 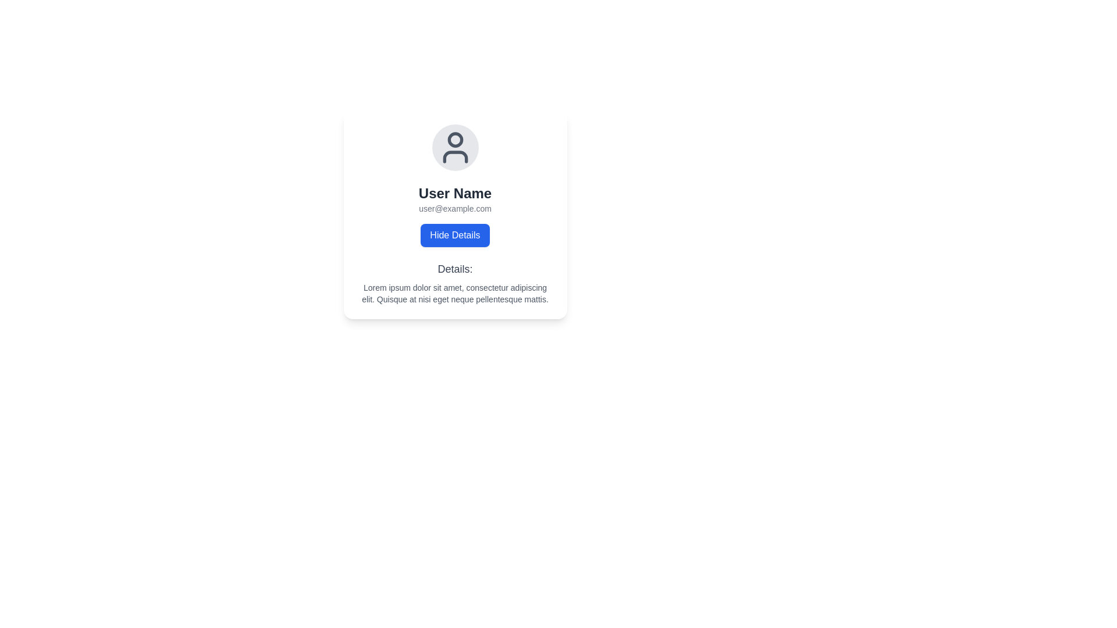 I want to click on the rectangular button with a blue background and white bold text reading 'Hide Details', located centrally below the 'user@example.com' text field, so click(x=454, y=235).